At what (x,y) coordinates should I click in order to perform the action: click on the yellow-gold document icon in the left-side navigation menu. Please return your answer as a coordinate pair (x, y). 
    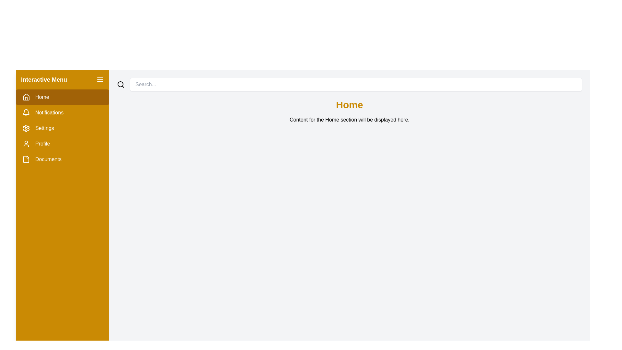
    Looking at the image, I should click on (26, 159).